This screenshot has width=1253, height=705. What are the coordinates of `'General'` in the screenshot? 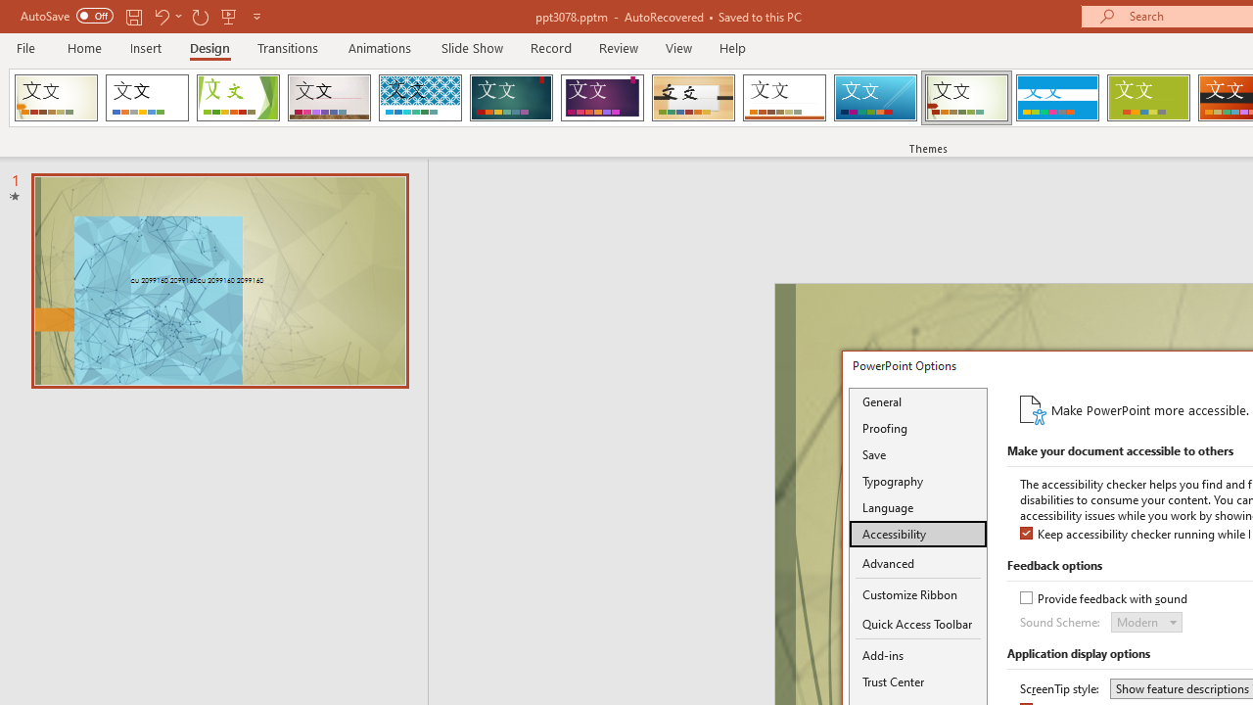 It's located at (917, 400).